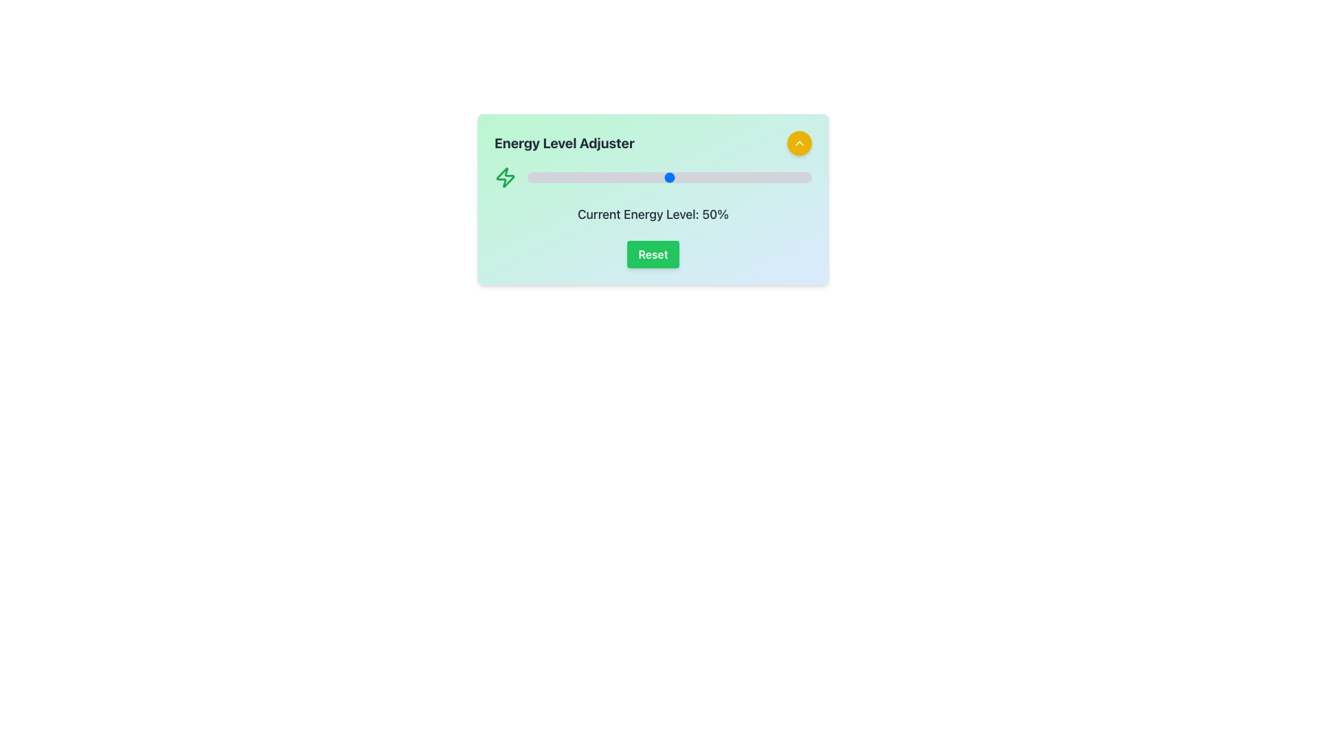  I want to click on energy level, so click(535, 176).